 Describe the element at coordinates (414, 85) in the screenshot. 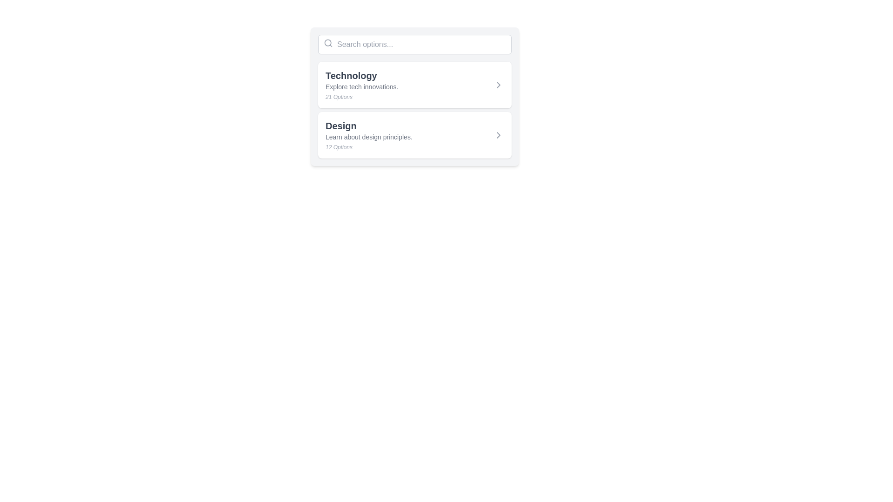

I see `the 'Technology' Button-like navigational card for keyboard navigation` at that location.